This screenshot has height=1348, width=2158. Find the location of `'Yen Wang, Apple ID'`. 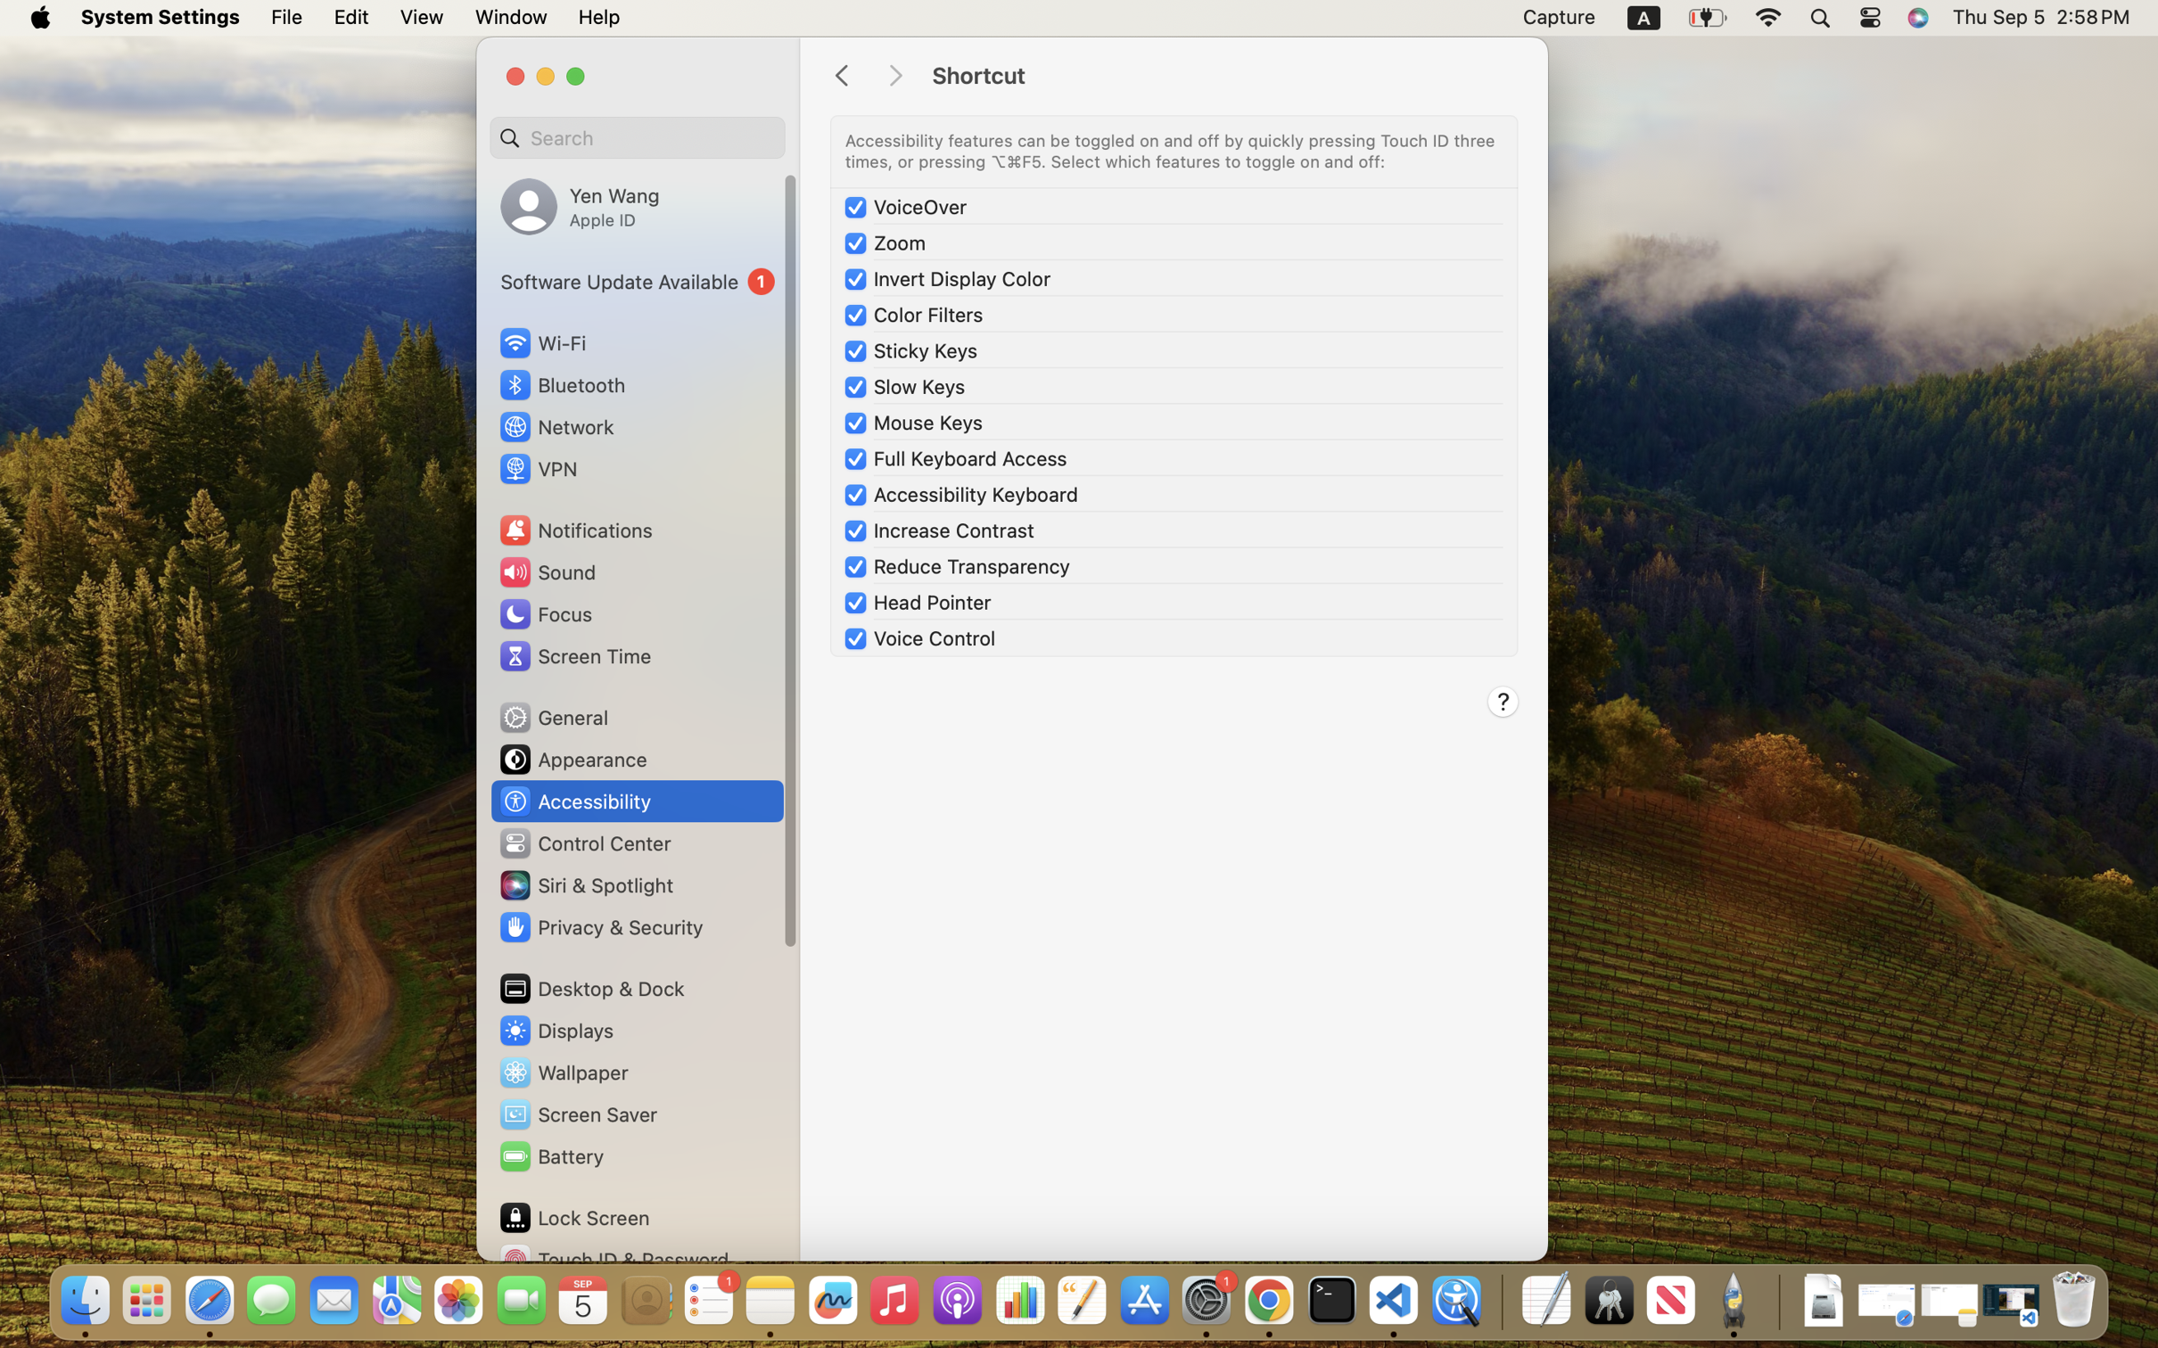

'Yen Wang, Apple ID' is located at coordinates (580, 205).